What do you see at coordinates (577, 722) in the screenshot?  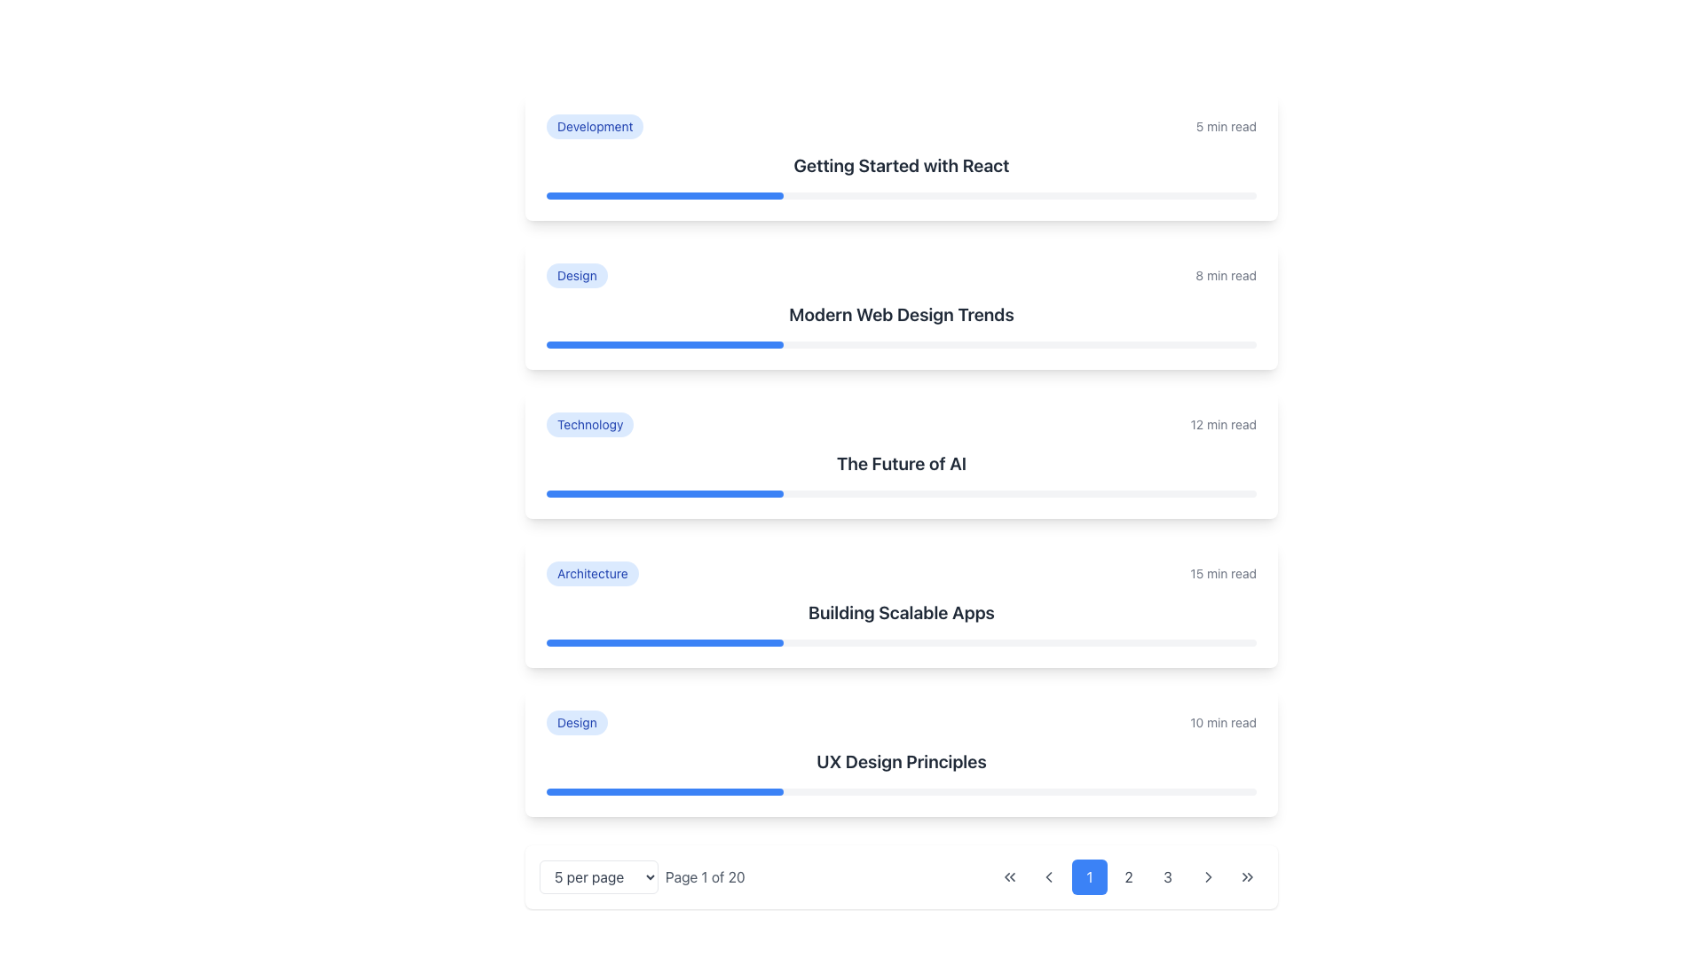 I see `the pill-shaped label with light blue background and dark blue text 'Design', located in the fifth row before 'UX Design Principles'` at bounding box center [577, 722].